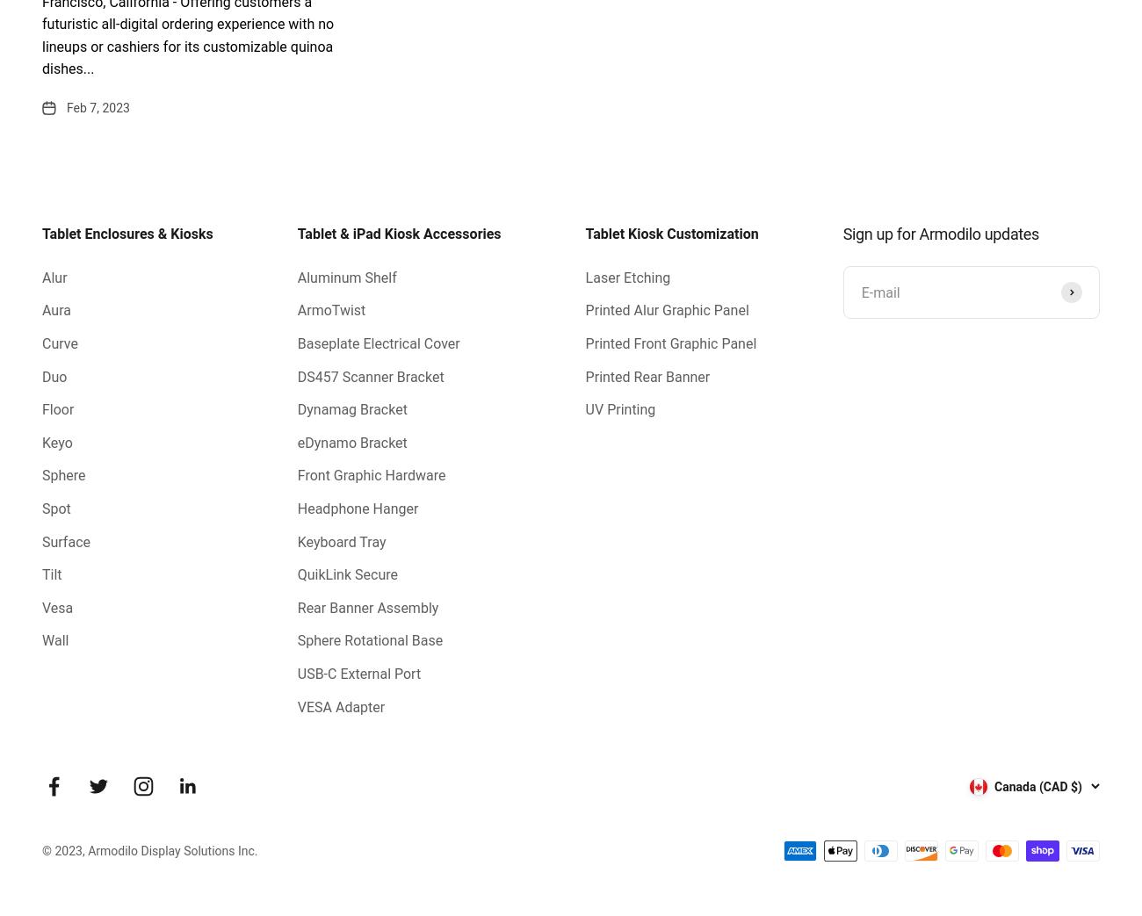 The image size is (1142, 916). I want to click on 'Wall', so click(55, 640).